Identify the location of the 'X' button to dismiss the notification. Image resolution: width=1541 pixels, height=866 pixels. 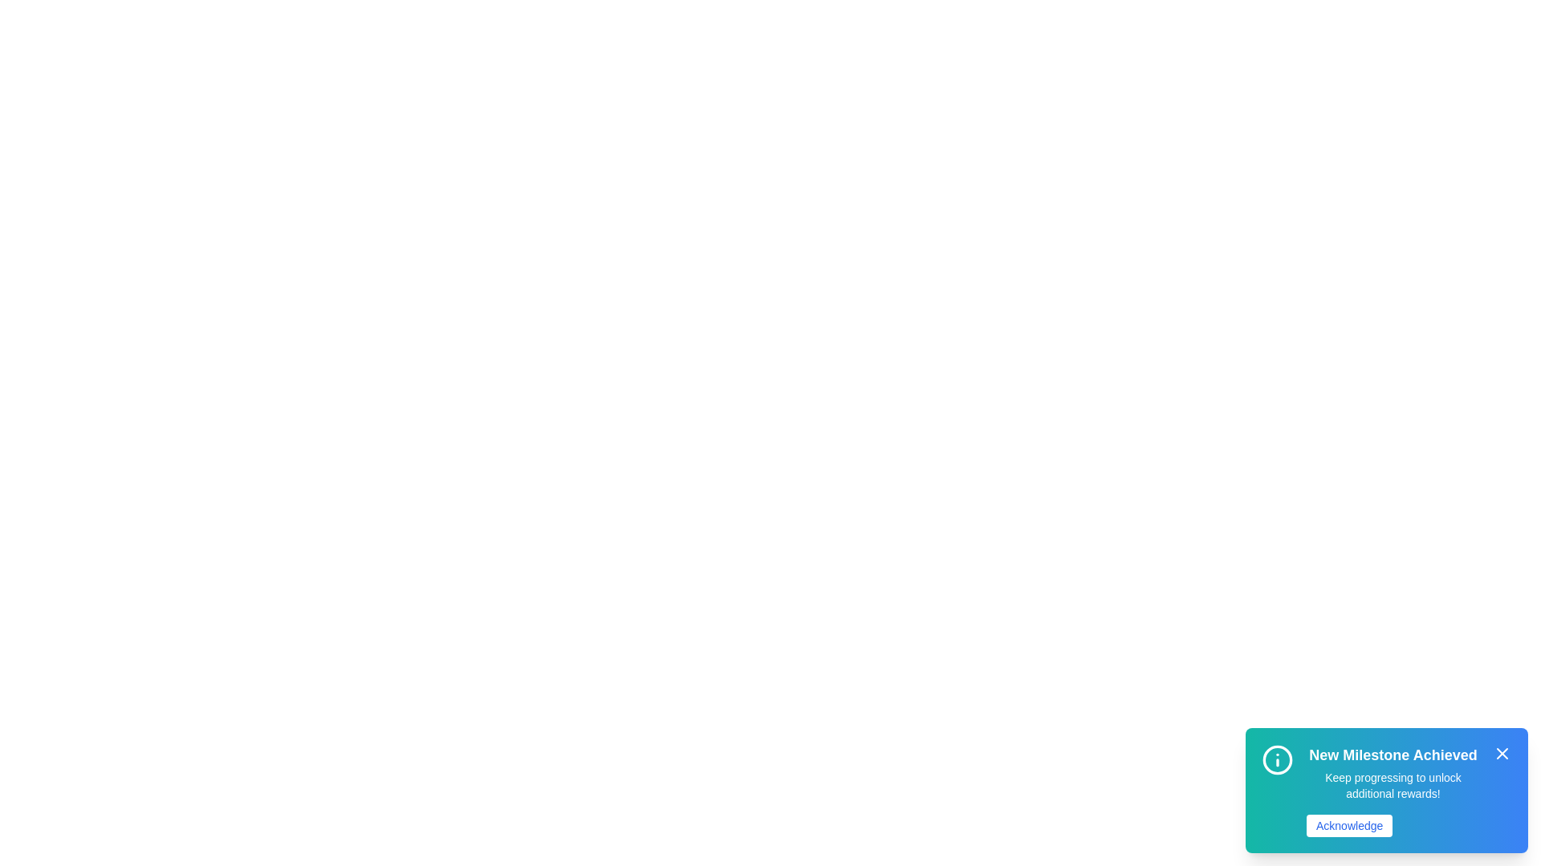
(1502, 754).